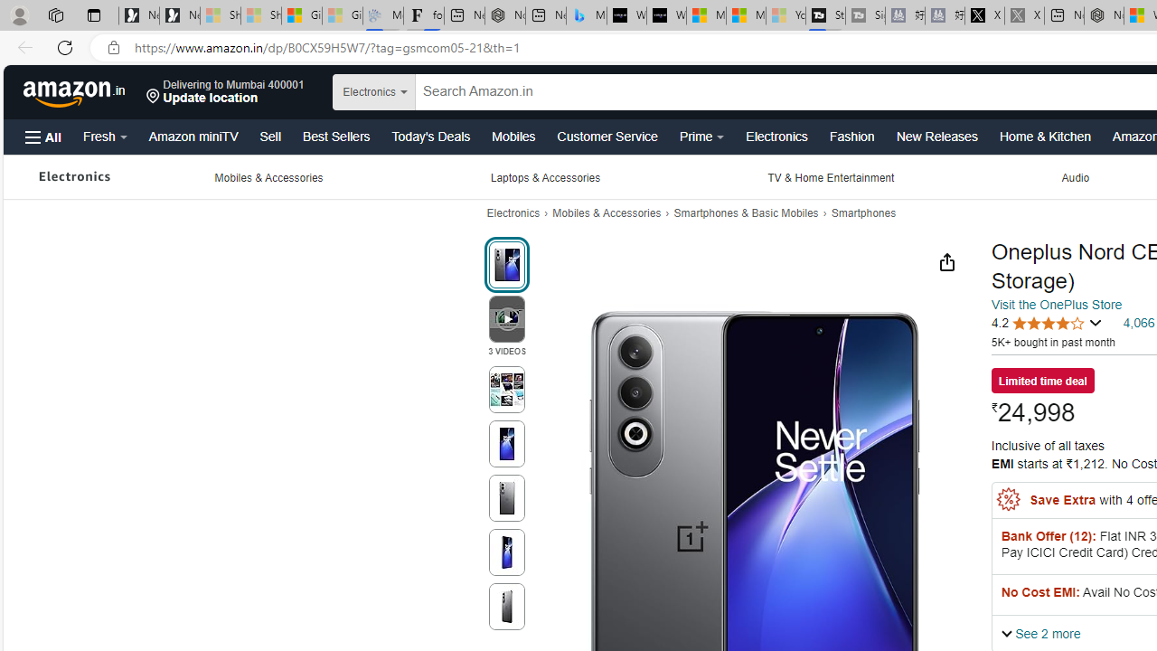 This screenshot has width=1157, height=651. Describe the element at coordinates (945, 261) in the screenshot. I see `'Share'` at that location.